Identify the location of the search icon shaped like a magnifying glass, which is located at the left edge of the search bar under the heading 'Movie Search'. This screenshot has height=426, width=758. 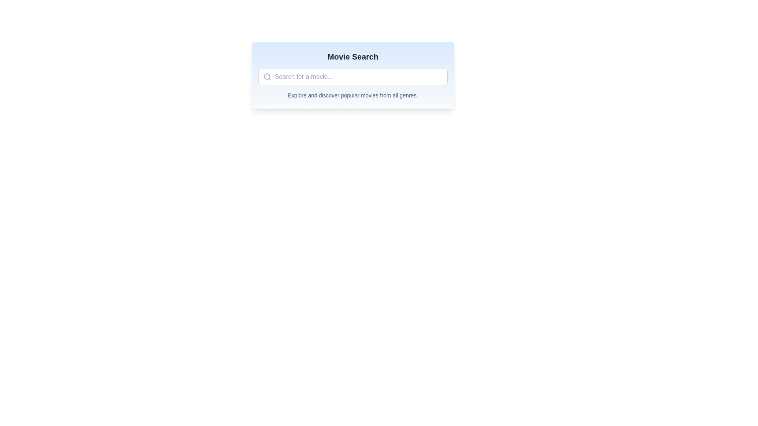
(267, 77).